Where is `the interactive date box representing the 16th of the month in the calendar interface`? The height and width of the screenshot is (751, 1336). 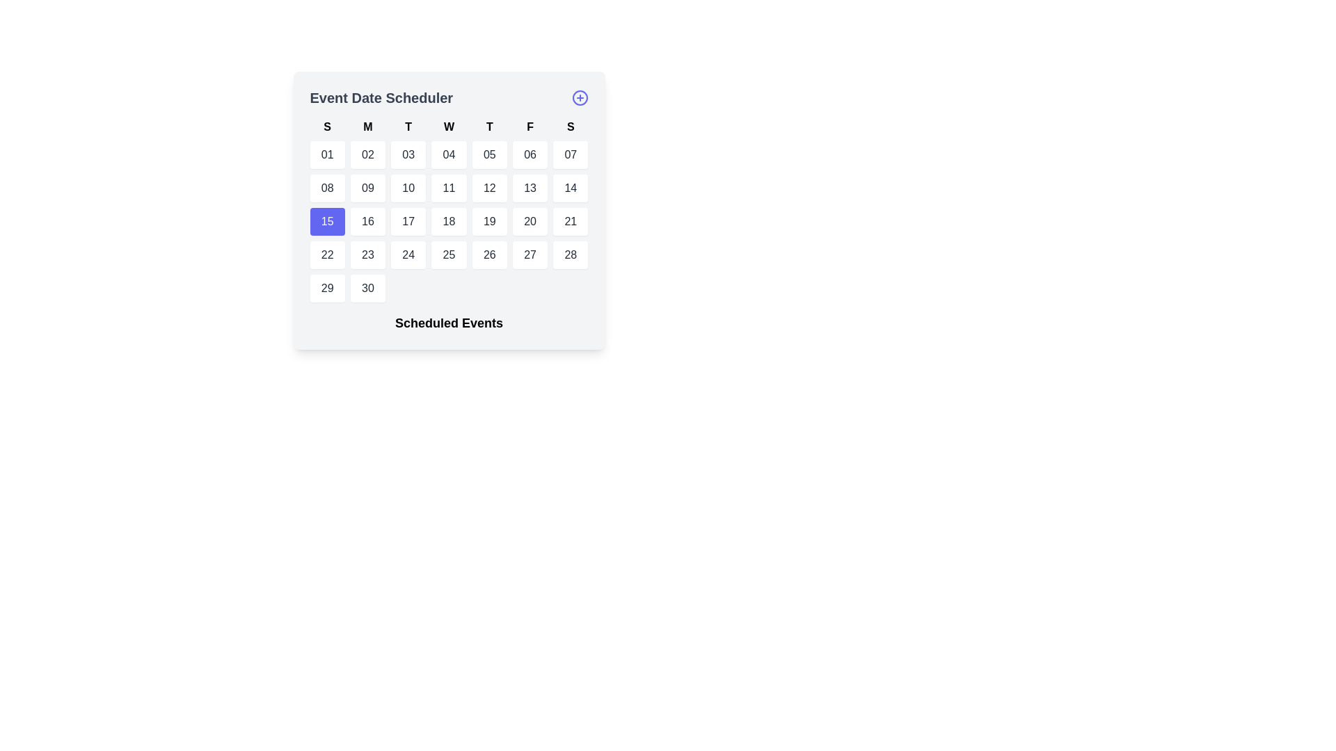
the interactive date box representing the 16th of the month in the calendar interface is located at coordinates (367, 221).